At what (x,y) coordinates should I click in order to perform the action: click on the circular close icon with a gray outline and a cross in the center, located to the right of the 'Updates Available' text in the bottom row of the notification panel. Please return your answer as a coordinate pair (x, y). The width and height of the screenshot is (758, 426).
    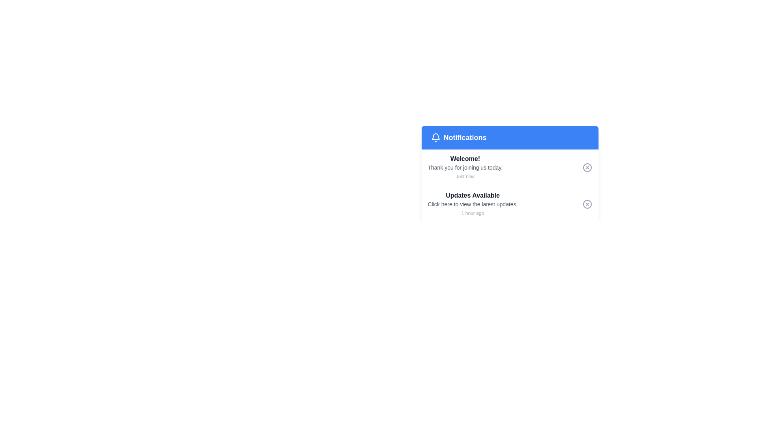
    Looking at the image, I should click on (587, 204).